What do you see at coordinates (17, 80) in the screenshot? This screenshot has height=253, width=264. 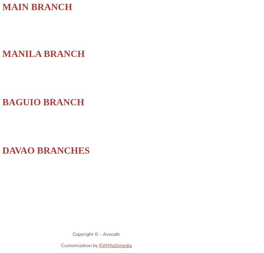 I see `'163 E. Mendiola,'` at bounding box center [17, 80].